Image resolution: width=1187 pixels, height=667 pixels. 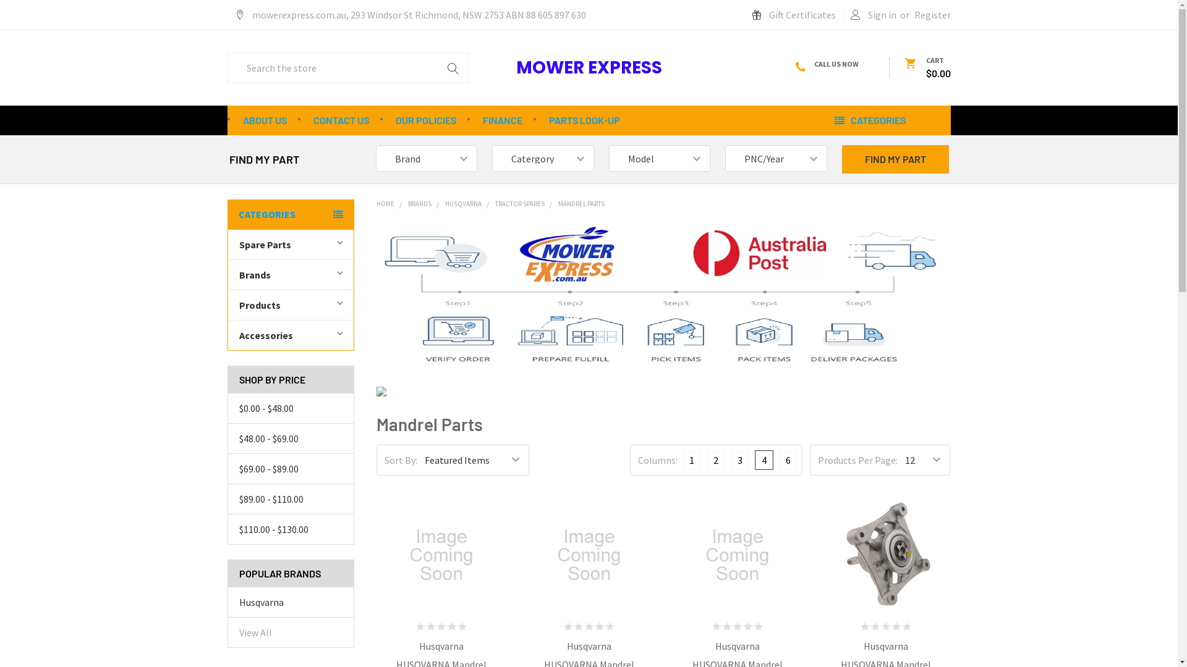 I want to click on 'HOME', so click(x=385, y=203).